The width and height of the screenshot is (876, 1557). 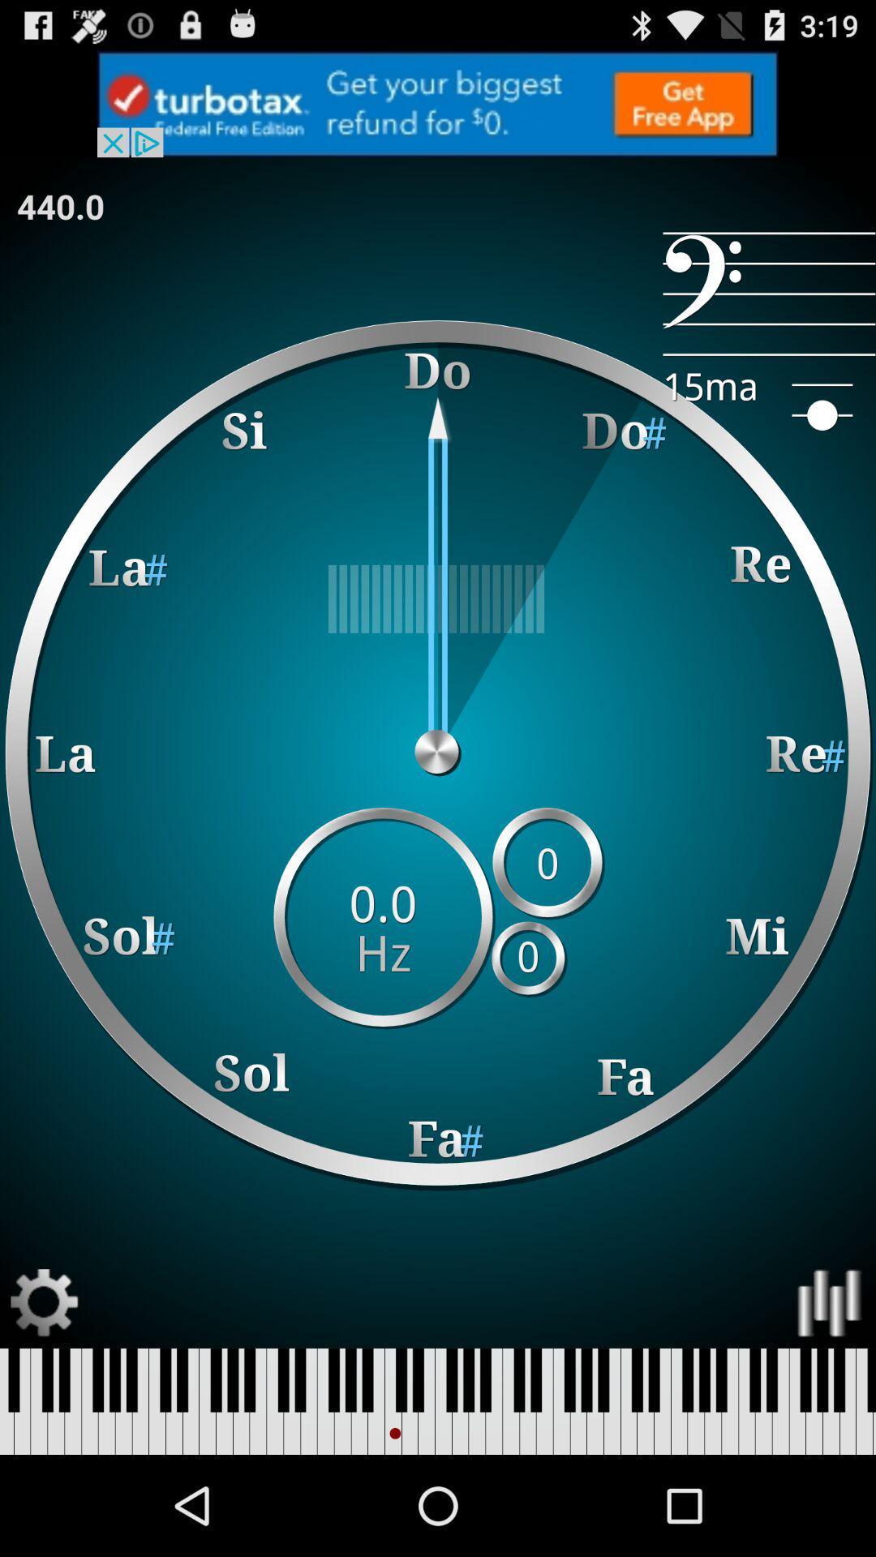 What do you see at coordinates (44, 1303) in the screenshot?
I see `open settings` at bounding box center [44, 1303].